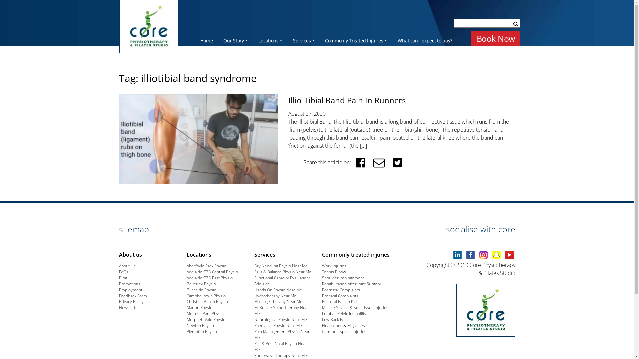  What do you see at coordinates (344, 313) in the screenshot?
I see `'Lumbar-Pelvic Instability'` at bounding box center [344, 313].